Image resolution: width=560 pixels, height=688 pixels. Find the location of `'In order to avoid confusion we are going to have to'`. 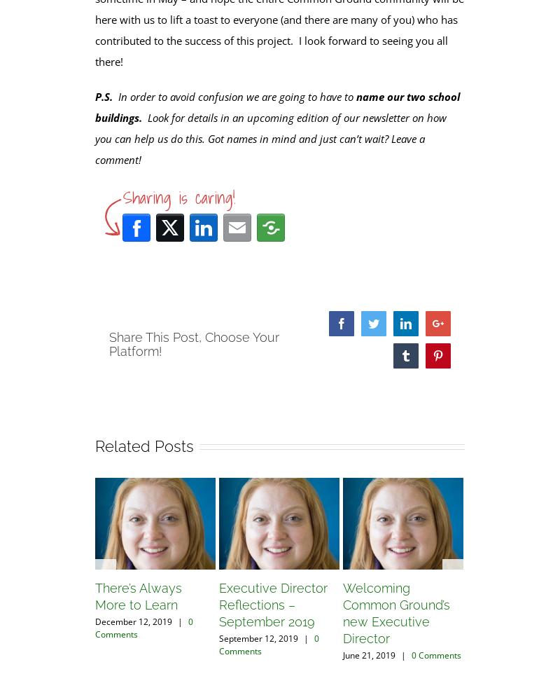

'In order to avoid confusion we are going to have to' is located at coordinates (234, 95).